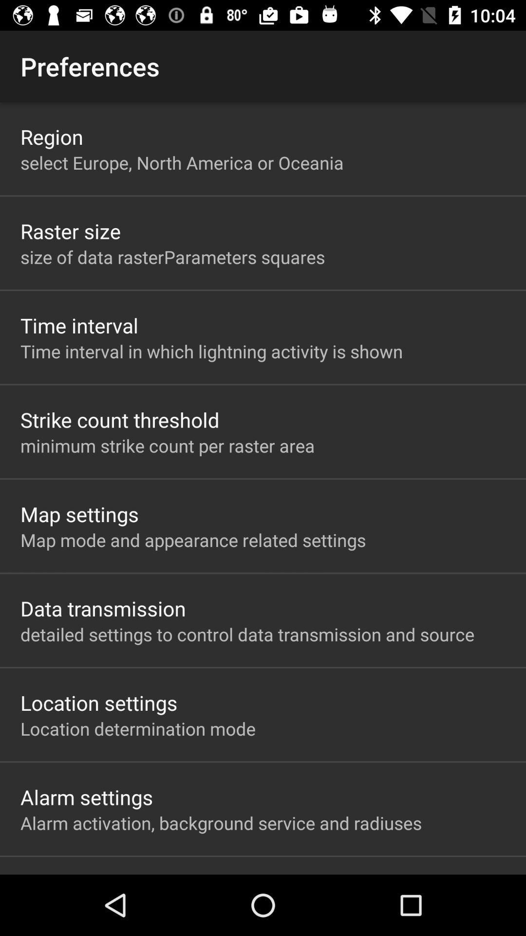 This screenshot has width=526, height=936. What do you see at coordinates (172, 257) in the screenshot?
I see `the item above time interval` at bounding box center [172, 257].